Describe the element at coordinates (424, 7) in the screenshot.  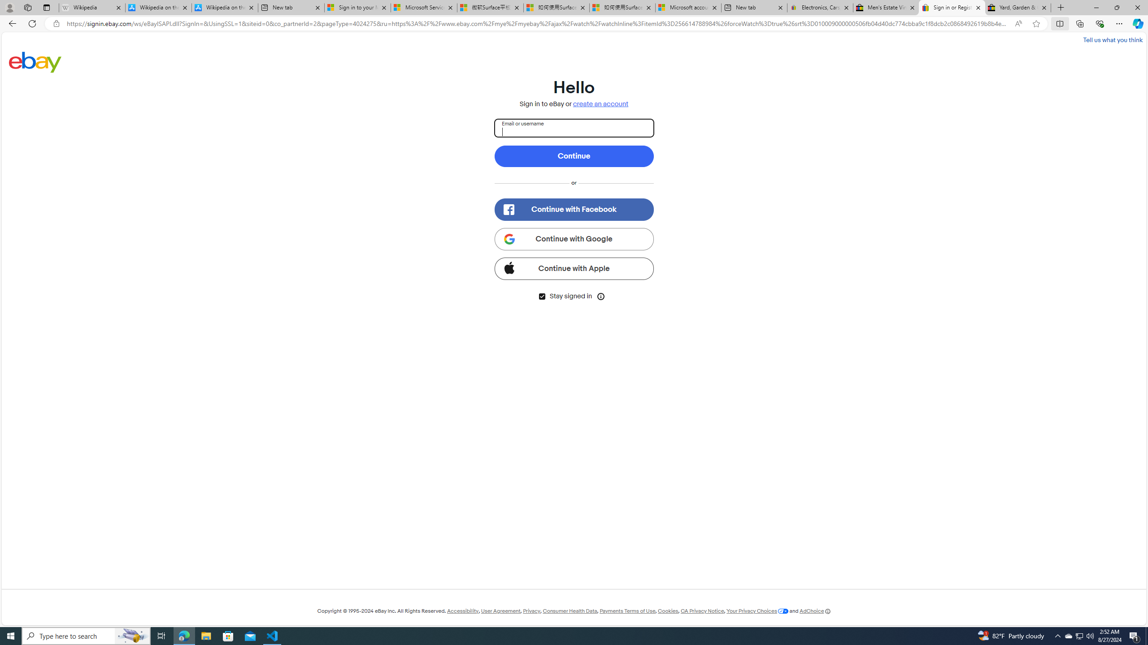
I see `'Microsoft Services Agreement'` at that location.